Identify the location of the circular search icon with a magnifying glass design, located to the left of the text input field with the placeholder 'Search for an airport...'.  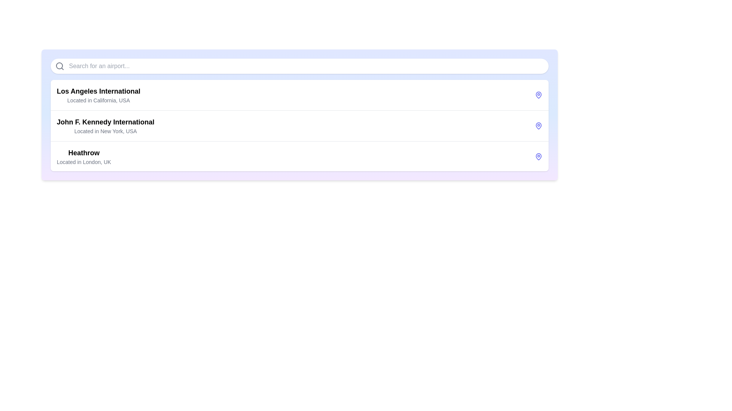
(59, 65).